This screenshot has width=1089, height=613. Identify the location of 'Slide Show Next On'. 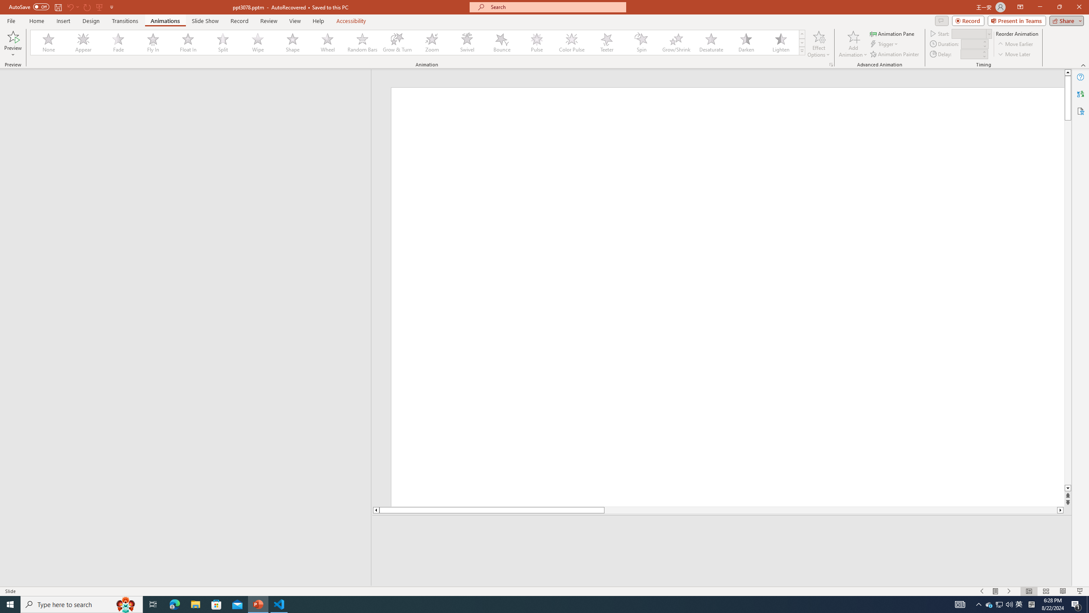
(1009, 591).